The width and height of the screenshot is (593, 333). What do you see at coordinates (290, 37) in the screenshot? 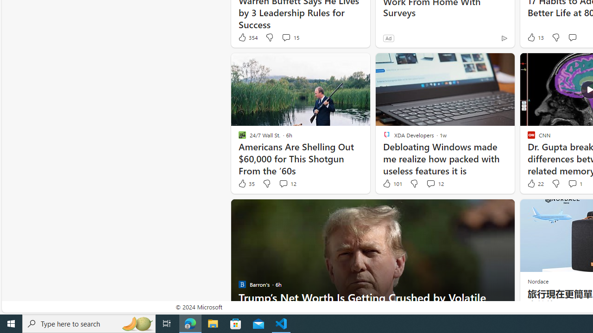
I see `'View comments 15 Comment'` at bounding box center [290, 37].